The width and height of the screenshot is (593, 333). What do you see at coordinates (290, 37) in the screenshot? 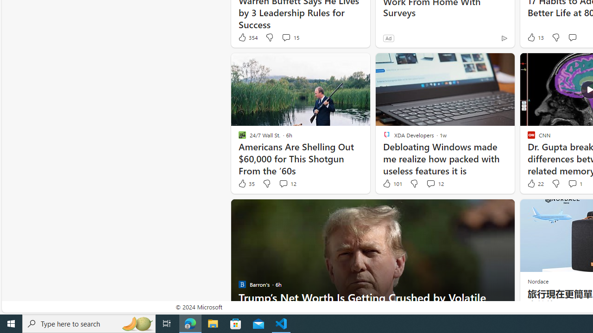
I see `'View comments 15 Comment'` at bounding box center [290, 37].